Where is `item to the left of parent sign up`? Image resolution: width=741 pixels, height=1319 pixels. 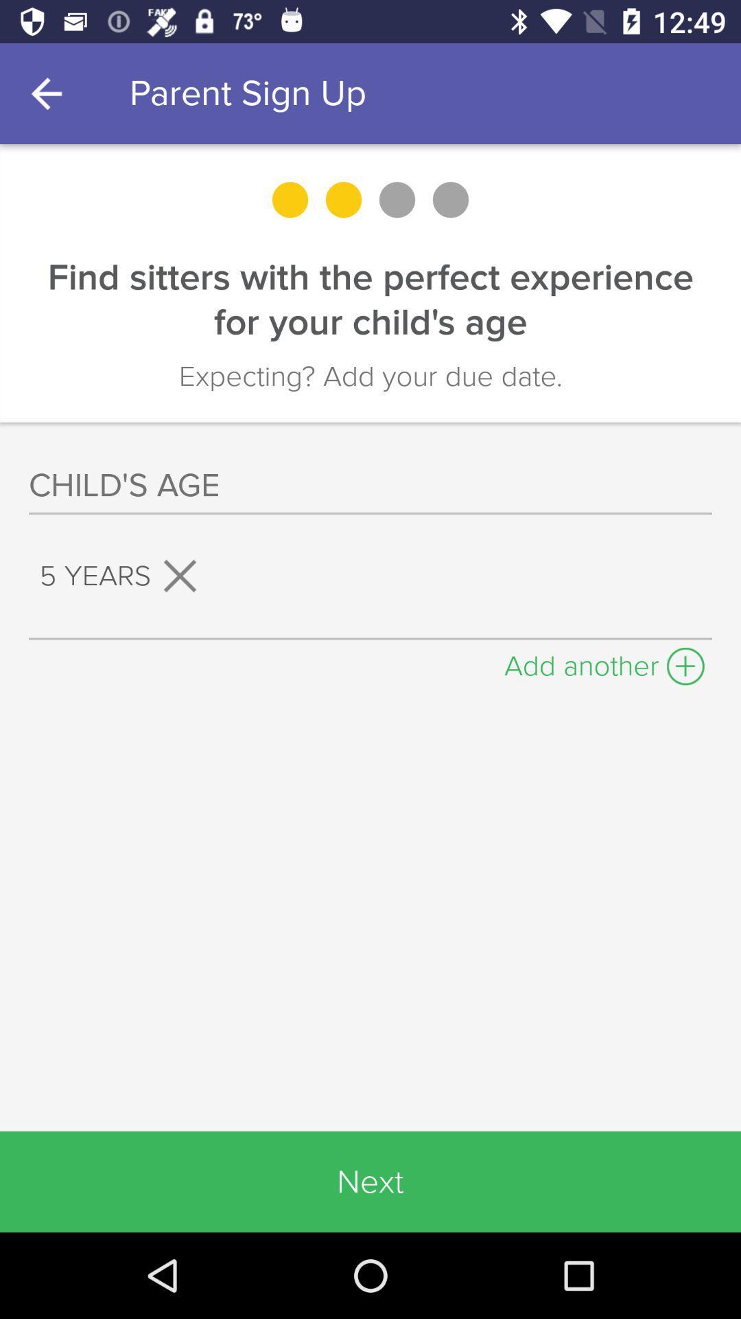
item to the left of parent sign up is located at coordinates (49, 93).